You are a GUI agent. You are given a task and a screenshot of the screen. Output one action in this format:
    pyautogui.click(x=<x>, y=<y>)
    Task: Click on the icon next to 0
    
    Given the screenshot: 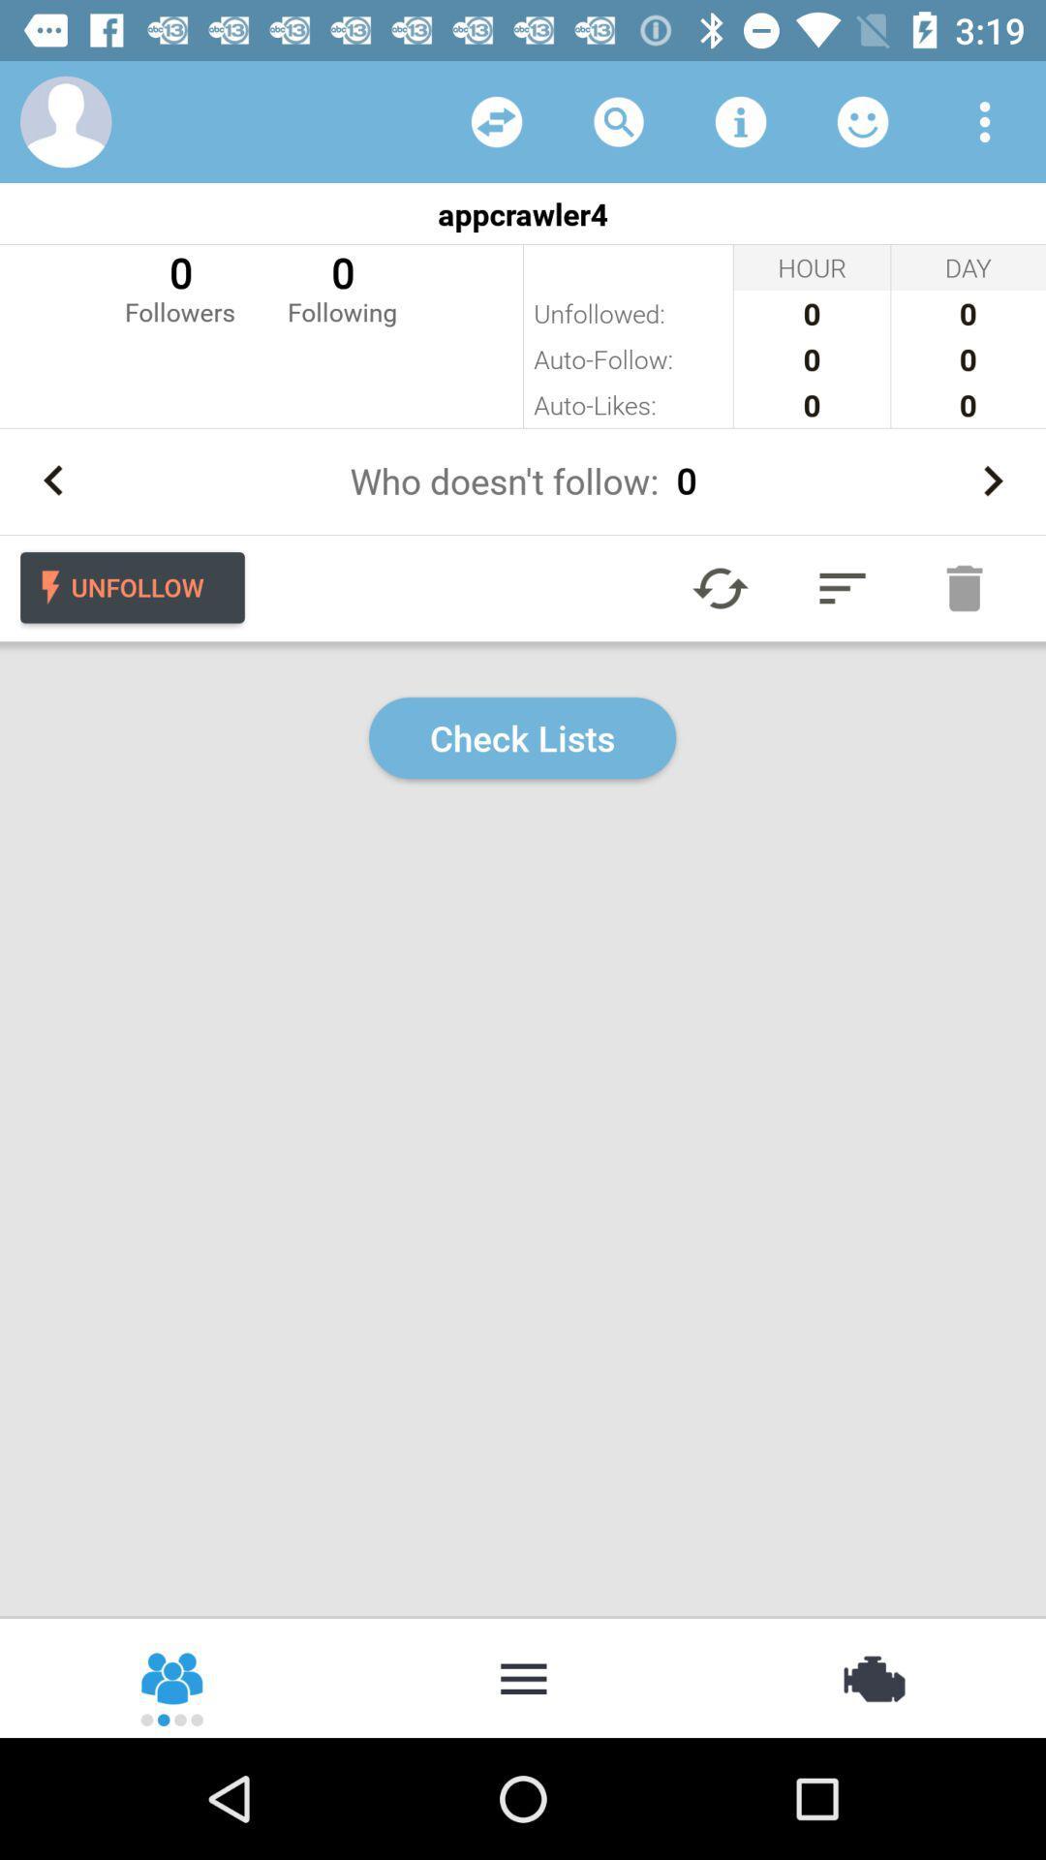 What is the action you would take?
    pyautogui.click(x=179, y=286)
    